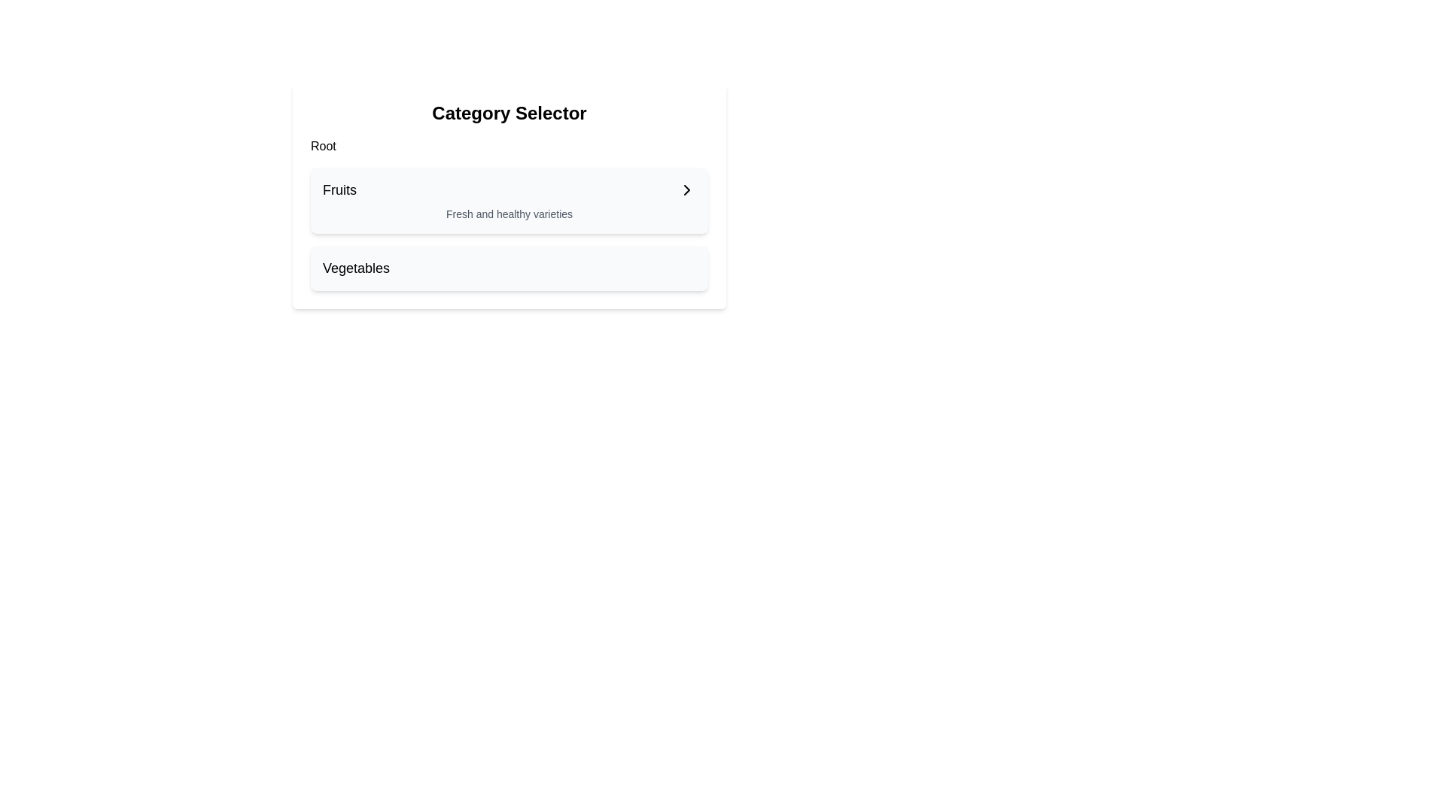 The image size is (1445, 812). I want to click on the static text label displaying 'Root', which is positioned near the top-left corner of the 'Category Selector' section, slightly above the buttons labeled 'Fruits' and 'Vegetables', so click(322, 147).